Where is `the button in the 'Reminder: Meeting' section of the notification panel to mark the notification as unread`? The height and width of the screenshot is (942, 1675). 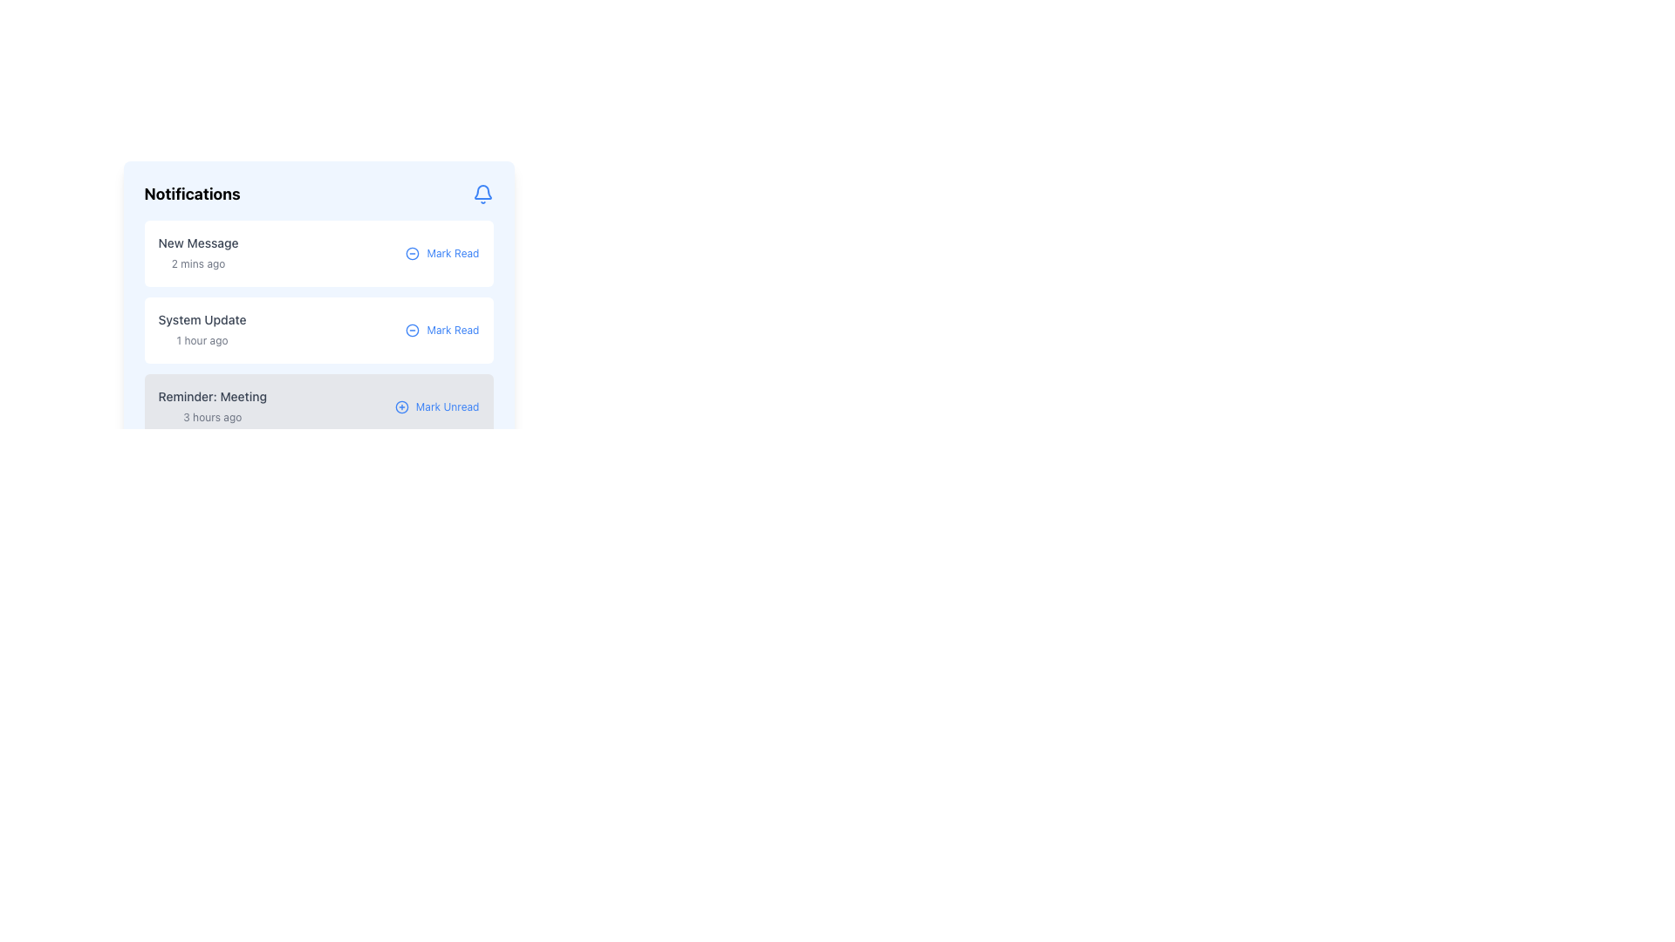 the button in the 'Reminder: Meeting' section of the notification panel to mark the notification as unread is located at coordinates (437, 406).